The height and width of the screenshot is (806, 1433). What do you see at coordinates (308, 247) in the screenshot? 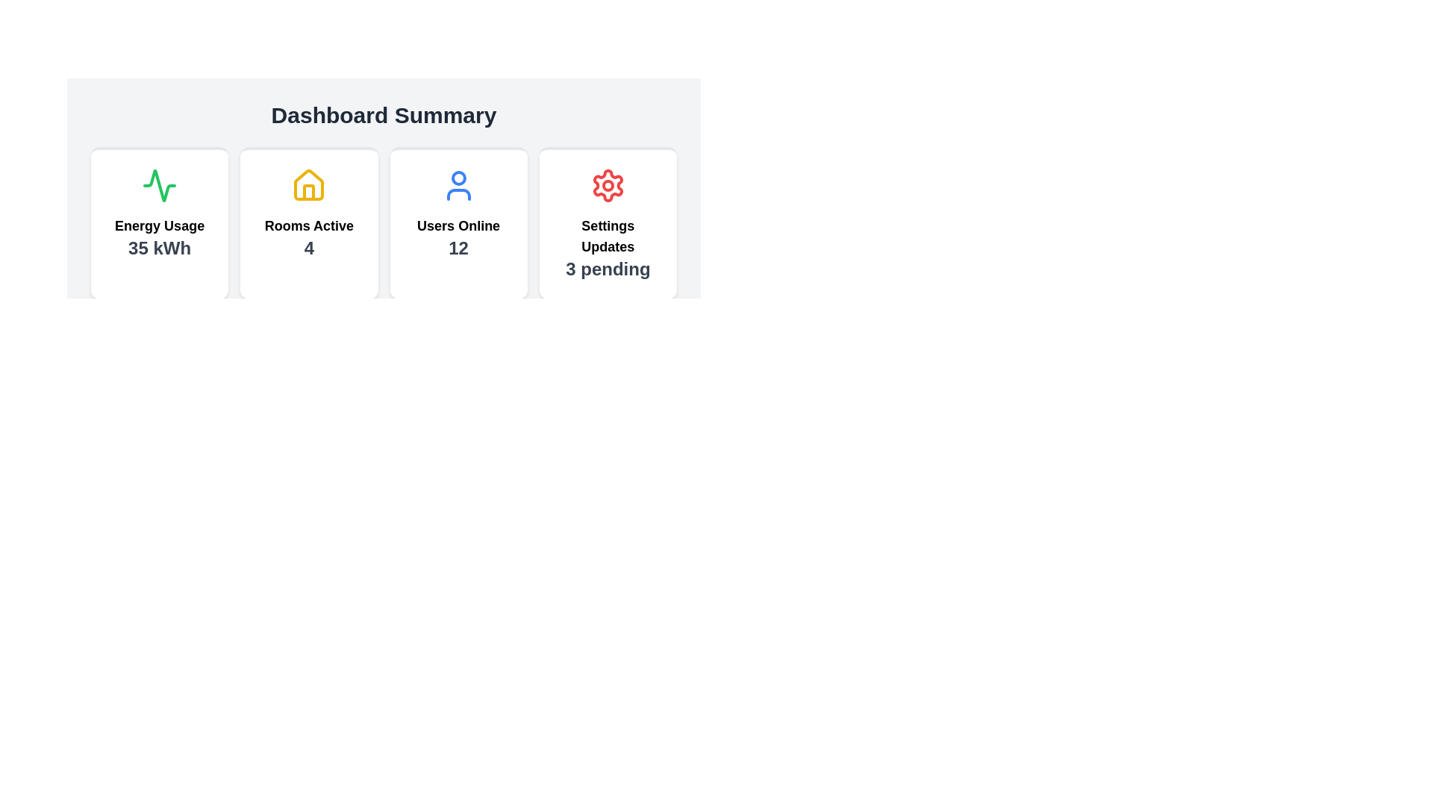
I see `numeric value displayed in the Number Label that shows the number of active rooms, located under the 'Rooms Active' card in the 'Dashboard Summary'` at bounding box center [308, 247].